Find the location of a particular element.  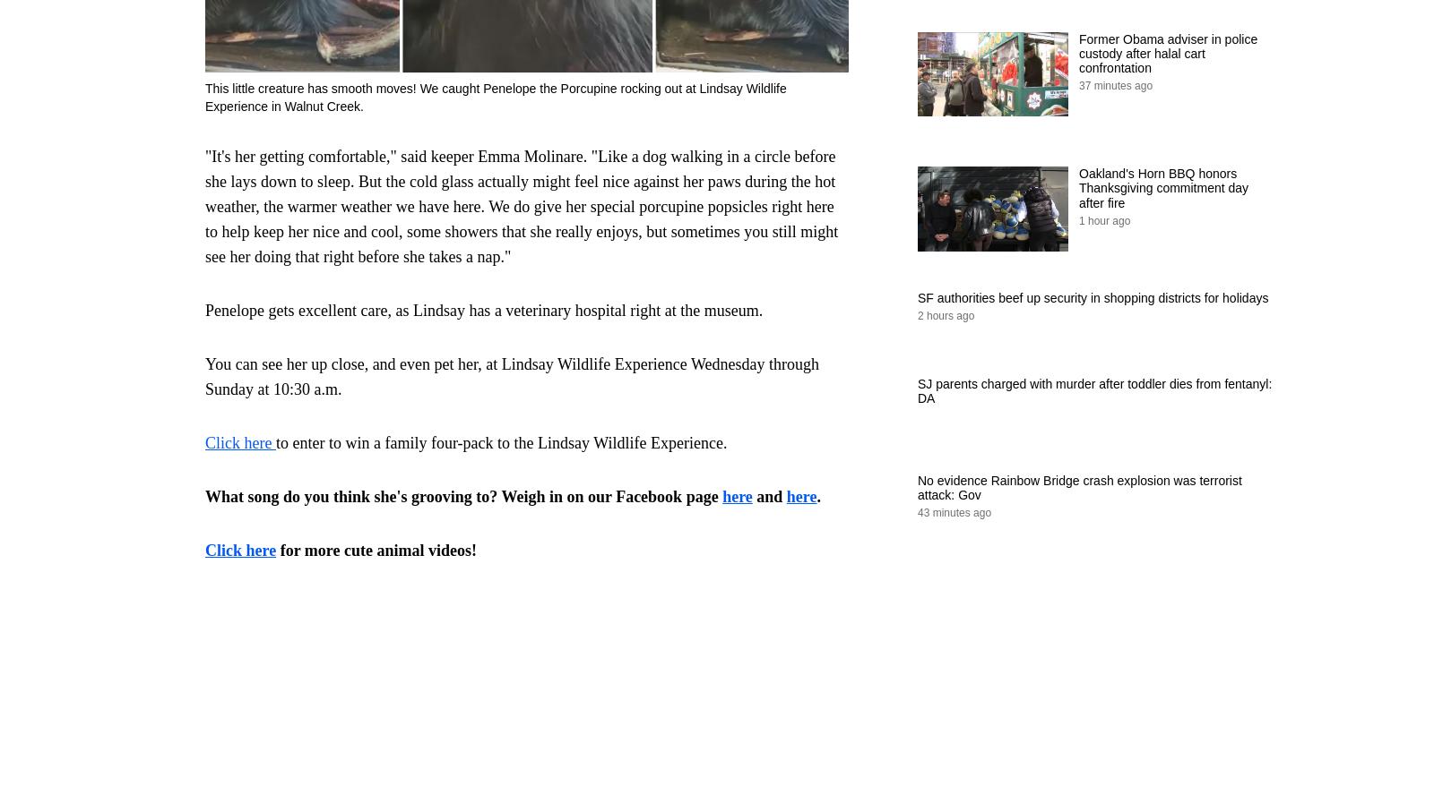

'No evidence Rainbow Bridge crash explosion was terrorist attack: Gov' is located at coordinates (1078, 486).